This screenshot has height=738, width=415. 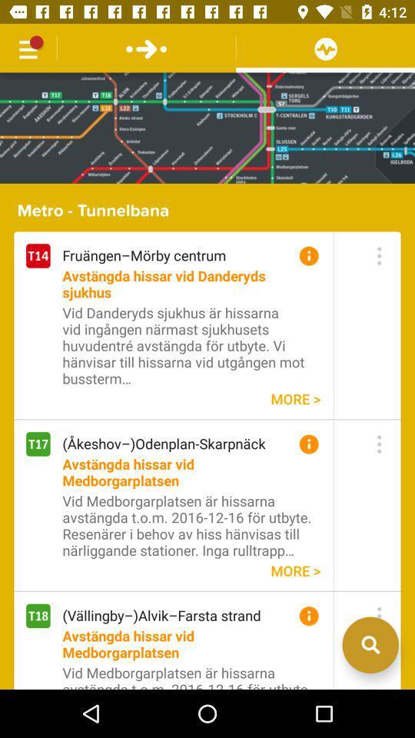 What do you see at coordinates (370, 690) in the screenshot?
I see `the search icon` at bounding box center [370, 690].